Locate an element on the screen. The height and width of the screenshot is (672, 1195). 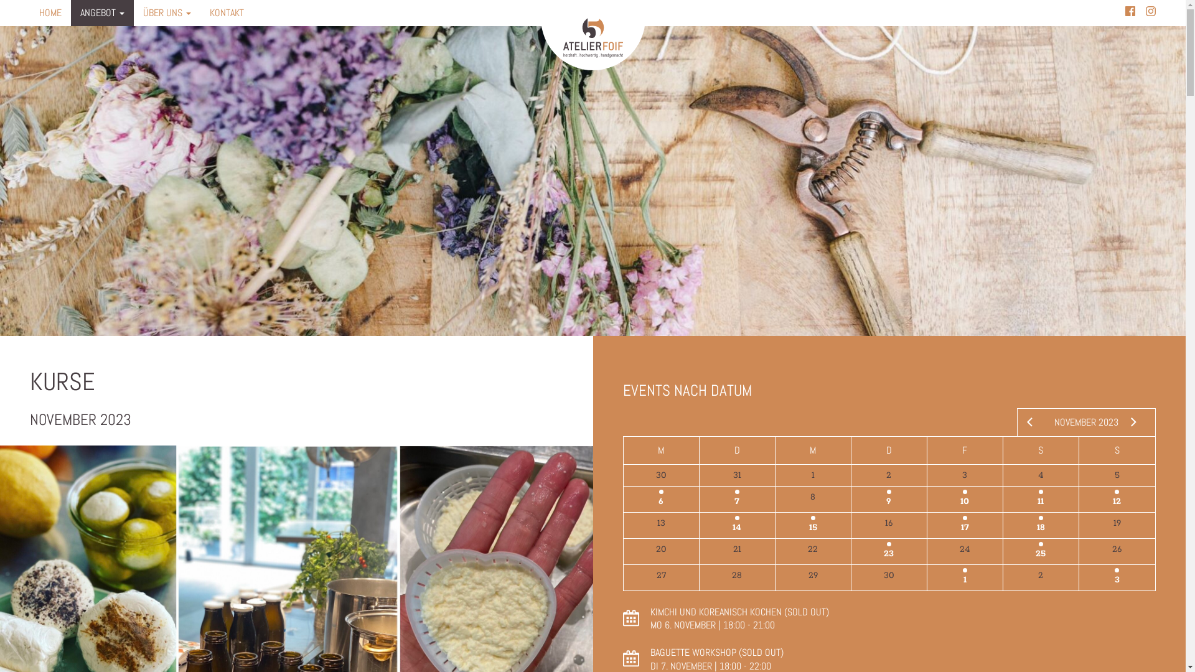
'0 VERANSTALTUNGEN, is located at coordinates (964, 475).